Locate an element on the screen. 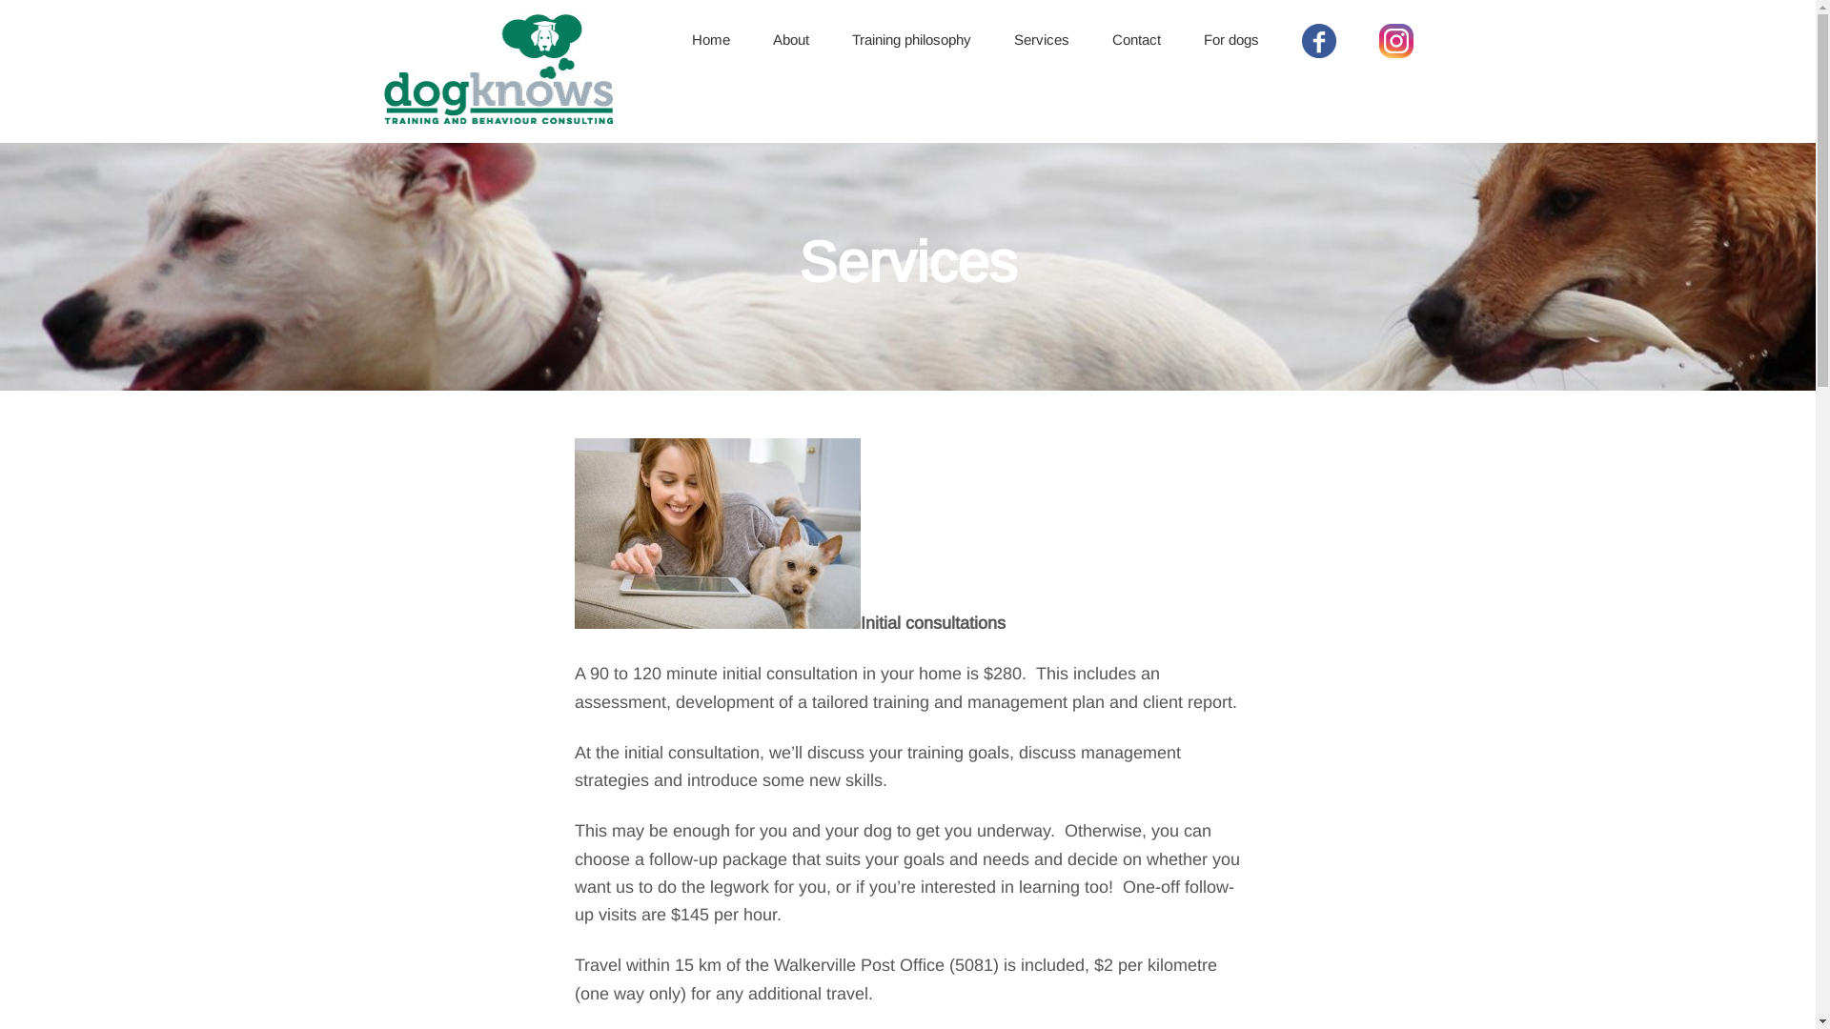 Image resolution: width=1830 pixels, height=1029 pixels. 'Training philosophy' is located at coordinates (910, 40).